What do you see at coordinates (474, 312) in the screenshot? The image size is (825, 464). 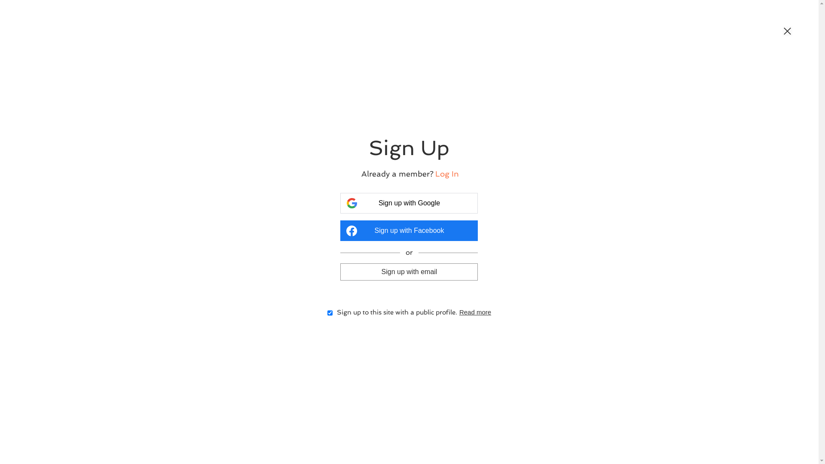 I see `'Read more'` at bounding box center [474, 312].